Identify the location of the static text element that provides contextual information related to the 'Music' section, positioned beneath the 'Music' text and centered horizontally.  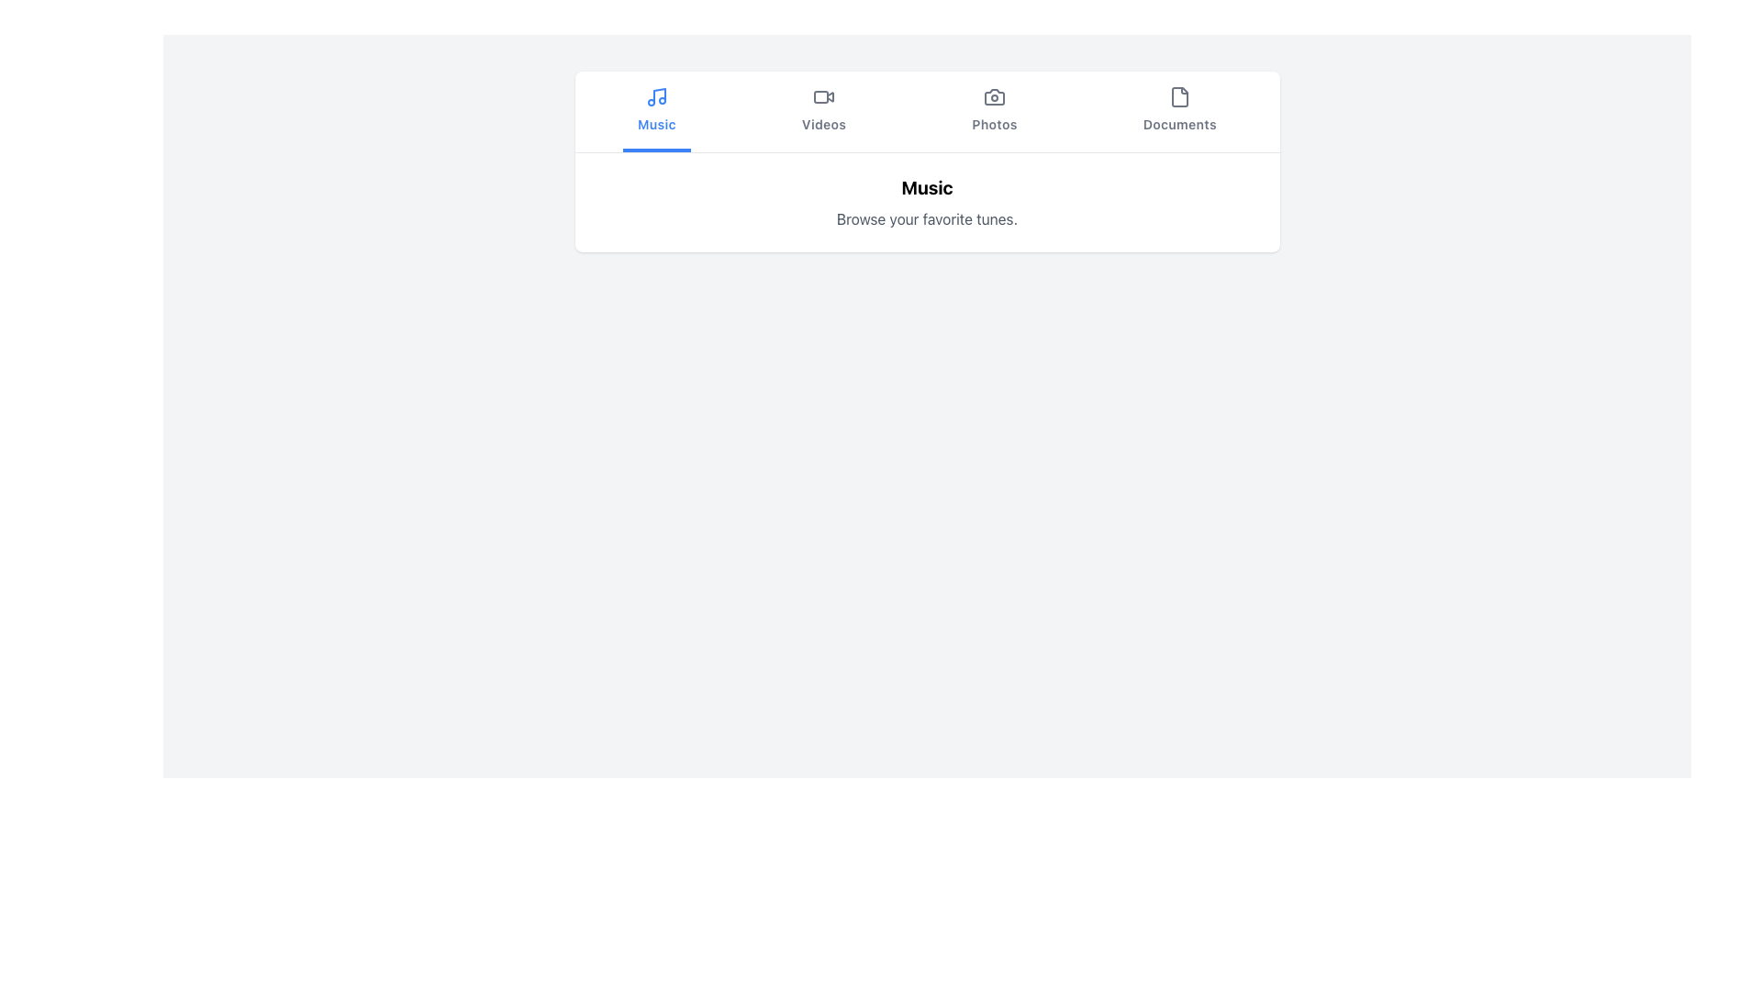
(927, 218).